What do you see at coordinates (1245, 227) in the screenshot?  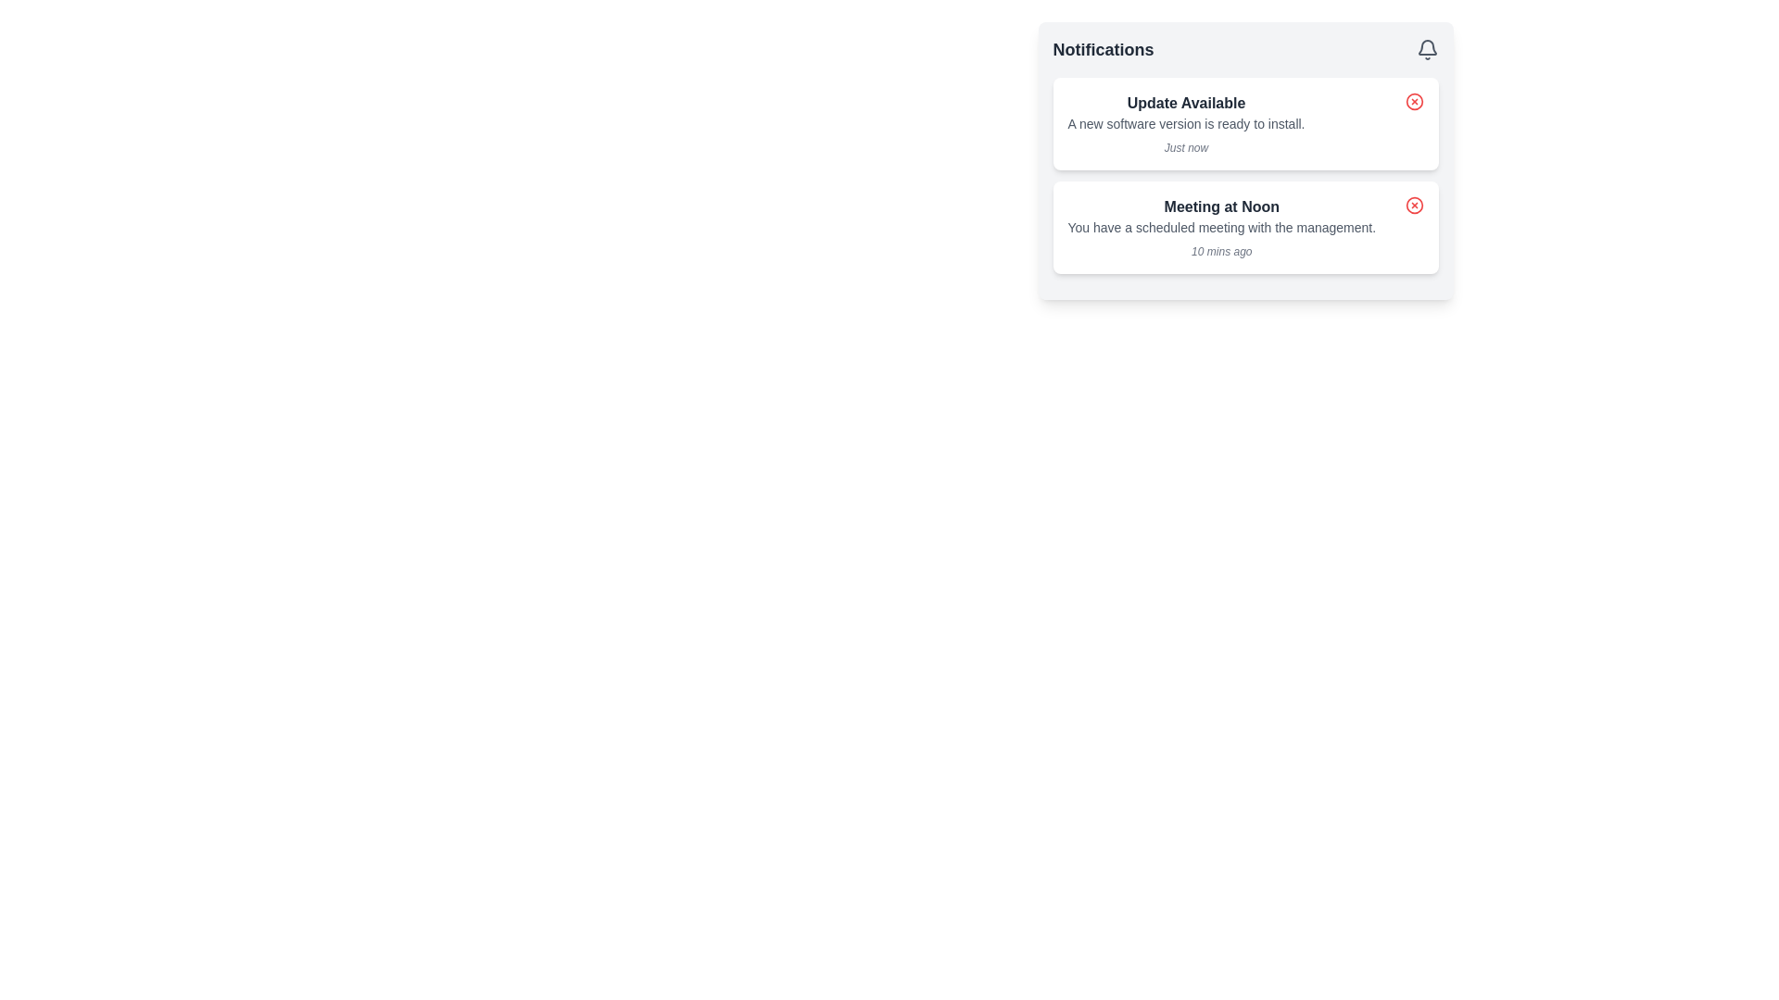 I see `the Notification card displaying 'Meeting at Noon'` at bounding box center [1245, 227].